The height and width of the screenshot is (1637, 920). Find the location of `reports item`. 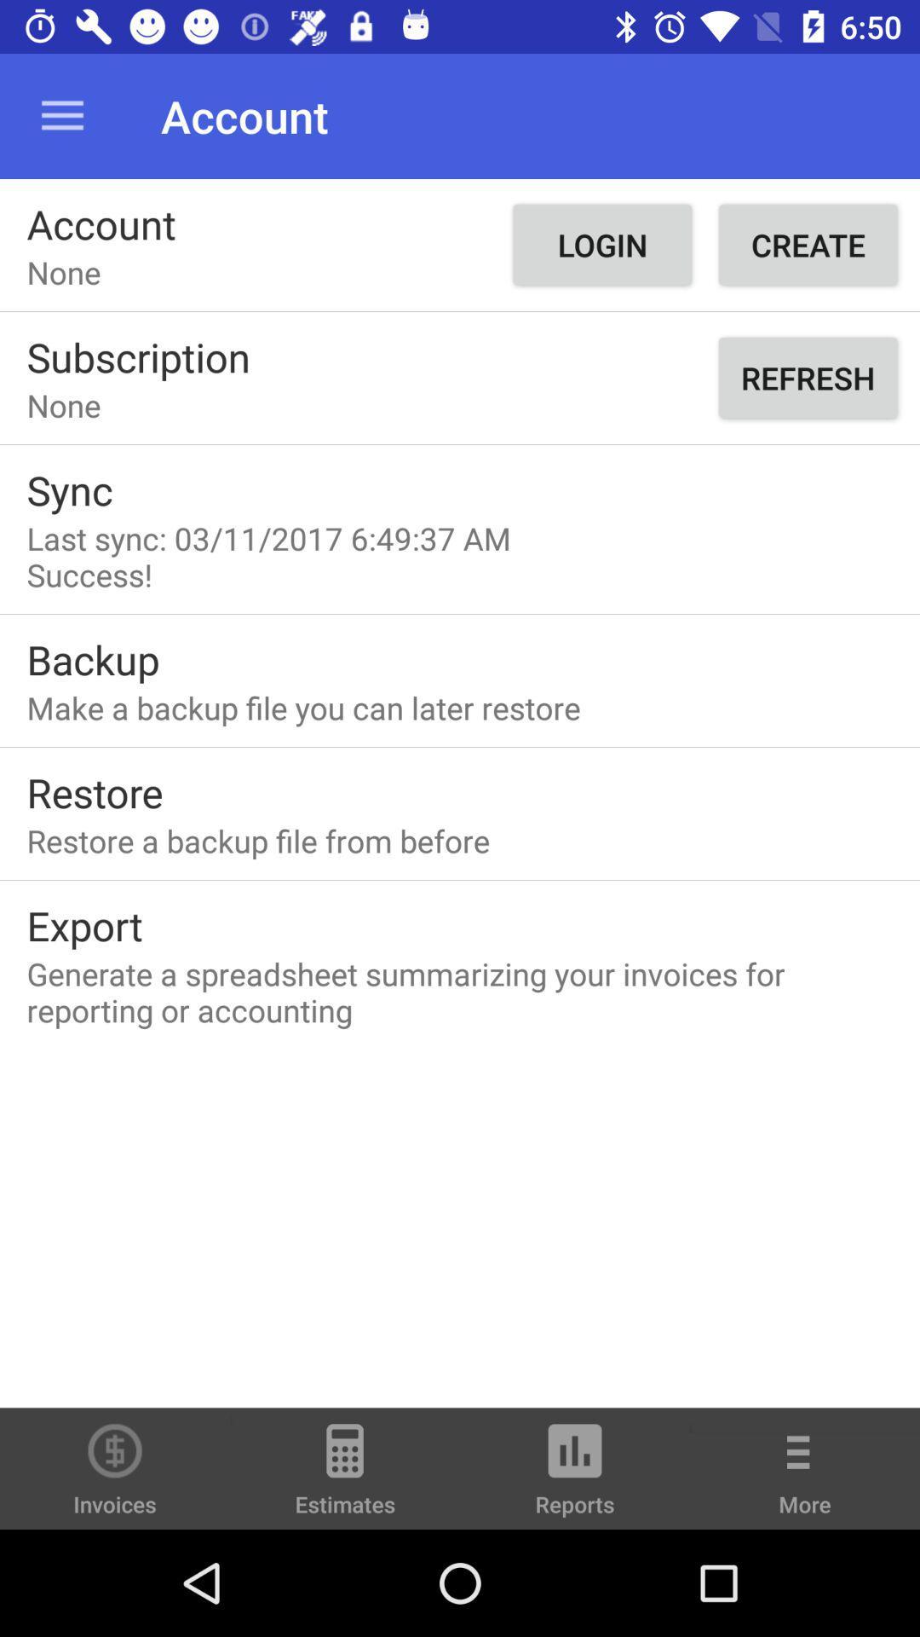

reports item is located at coordinates (575, 1476).